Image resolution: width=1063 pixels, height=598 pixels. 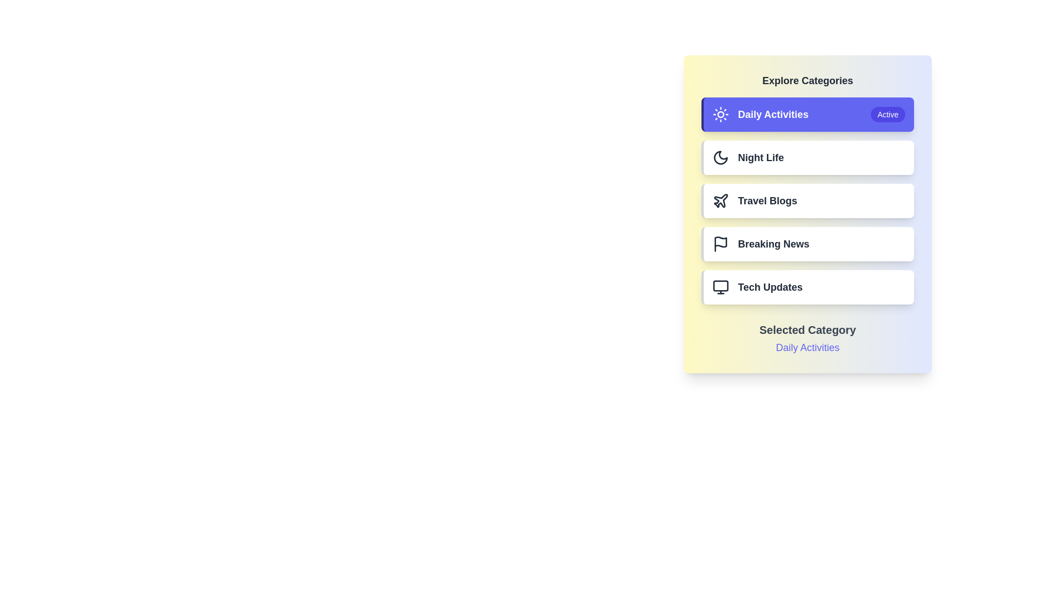 I want to click on the category button corresponding to Tech Updates, so click(x=808, y=287).